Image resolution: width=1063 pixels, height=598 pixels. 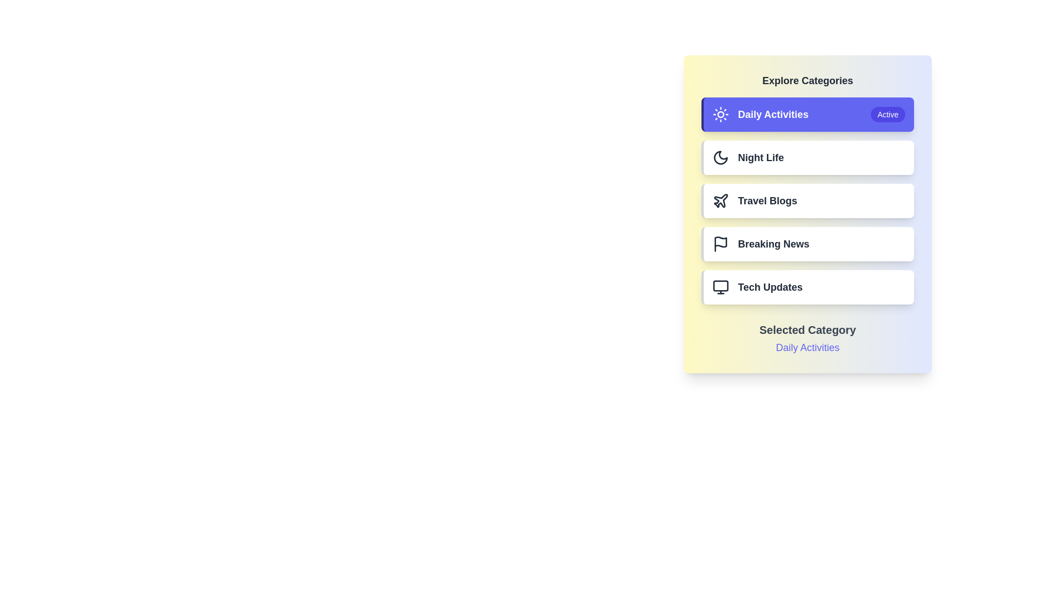 I want to click on the category button corresponding to Tech Updates, so click(x=808, y=287).